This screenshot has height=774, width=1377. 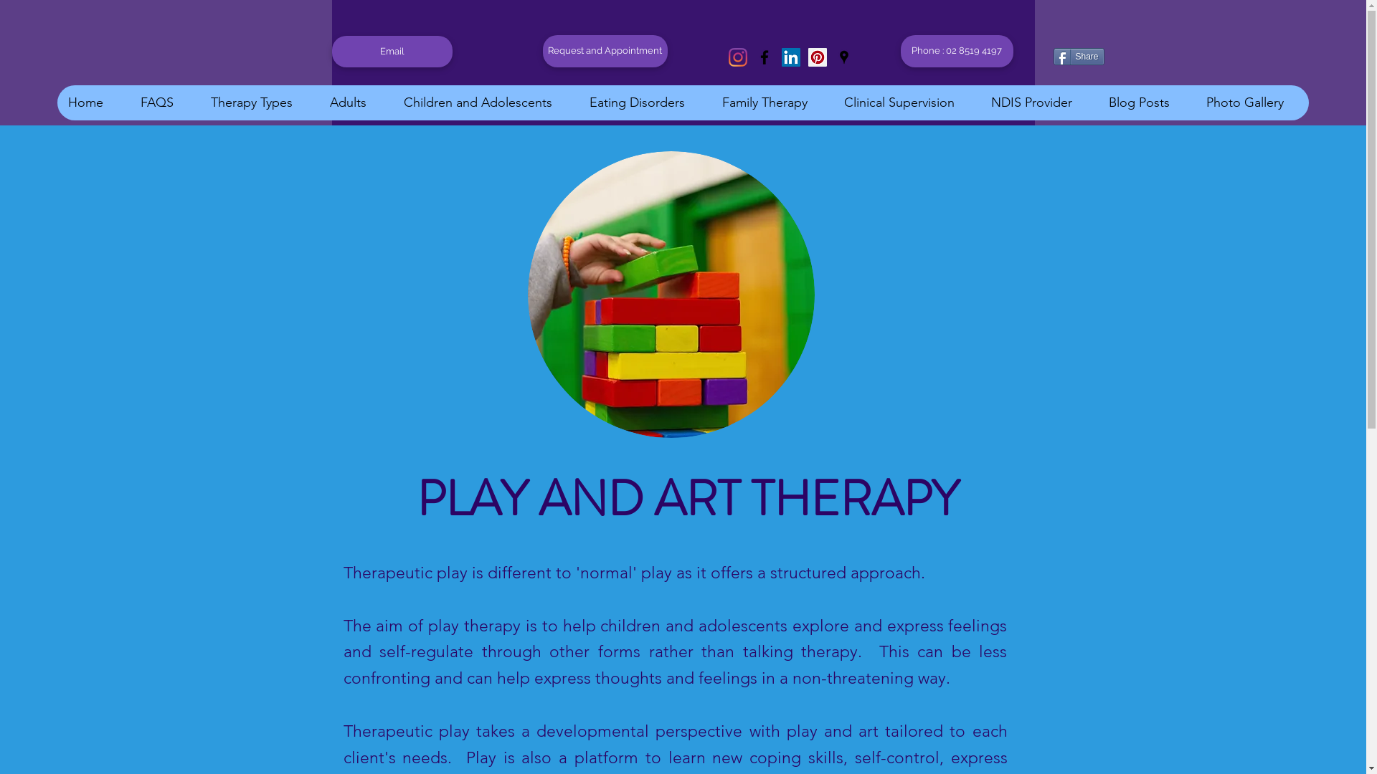 I want to click on 'Email', so click(x=392, y=51).